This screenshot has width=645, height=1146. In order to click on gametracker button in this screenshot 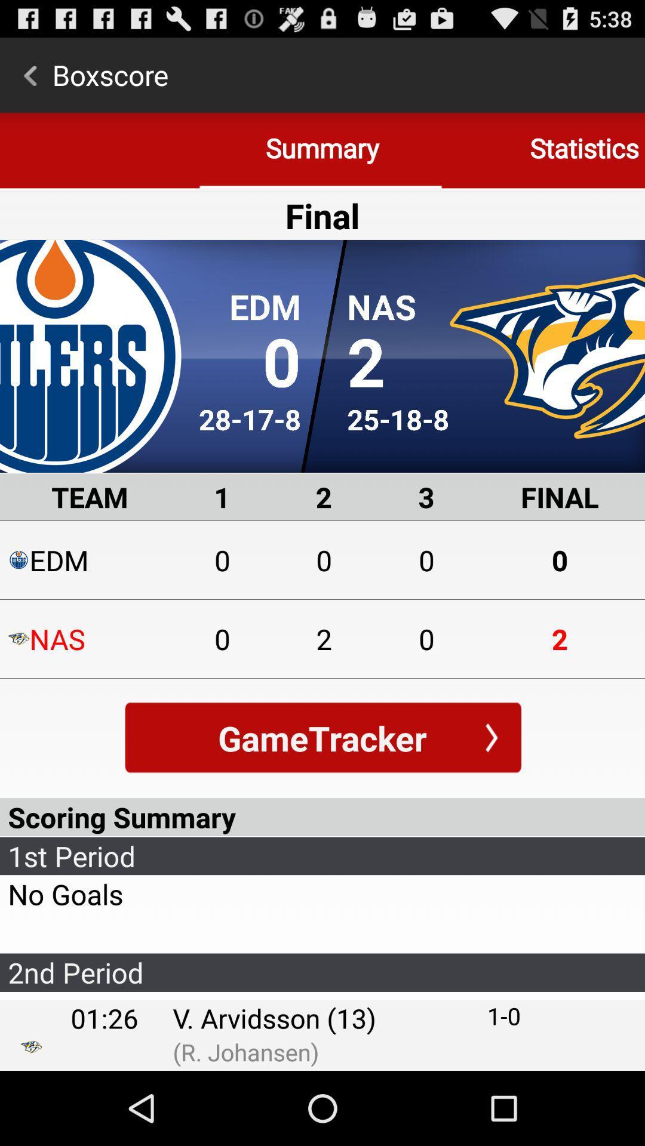, I will do `click(322, 737)`.